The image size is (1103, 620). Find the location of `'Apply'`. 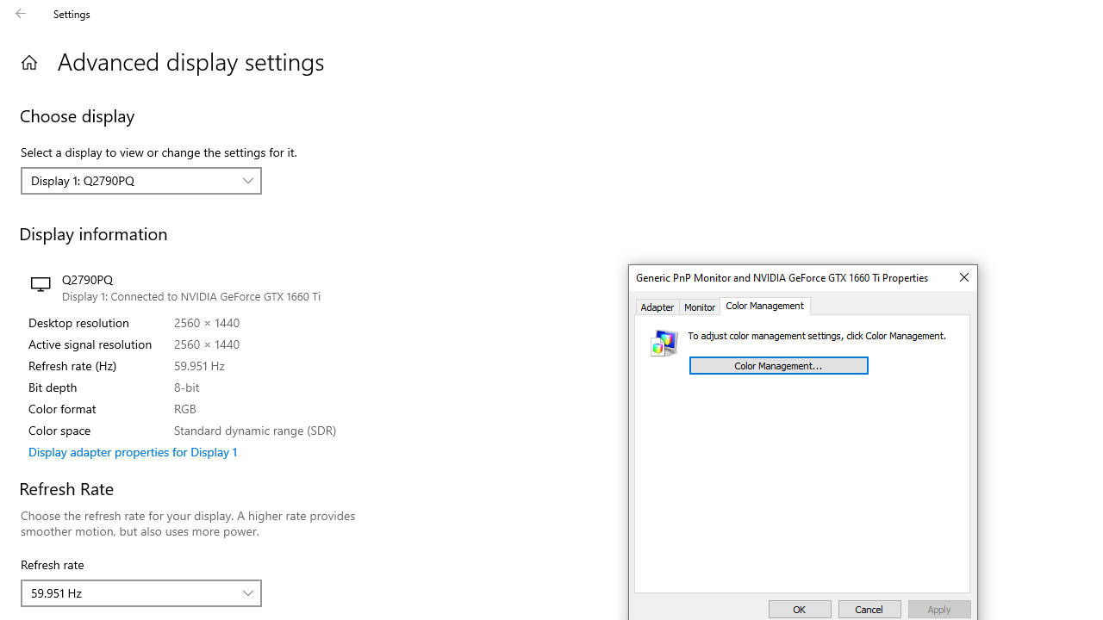

'Apply' is located at coordinates (938, 608).